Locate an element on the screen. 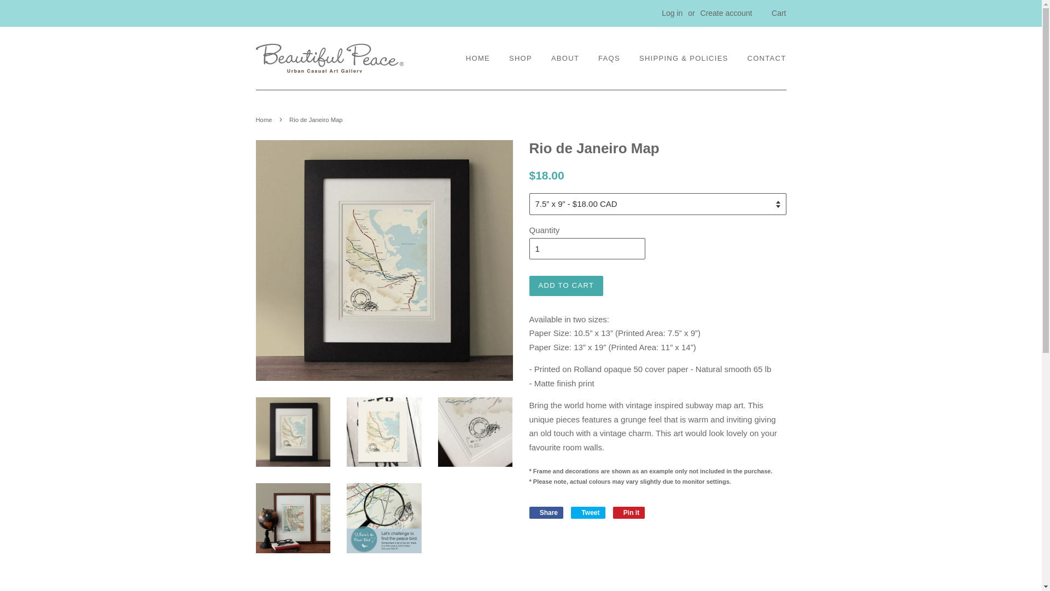 This screenshot has width=1050, height=591. 'SHOP' is located at coordinates (520, 59).